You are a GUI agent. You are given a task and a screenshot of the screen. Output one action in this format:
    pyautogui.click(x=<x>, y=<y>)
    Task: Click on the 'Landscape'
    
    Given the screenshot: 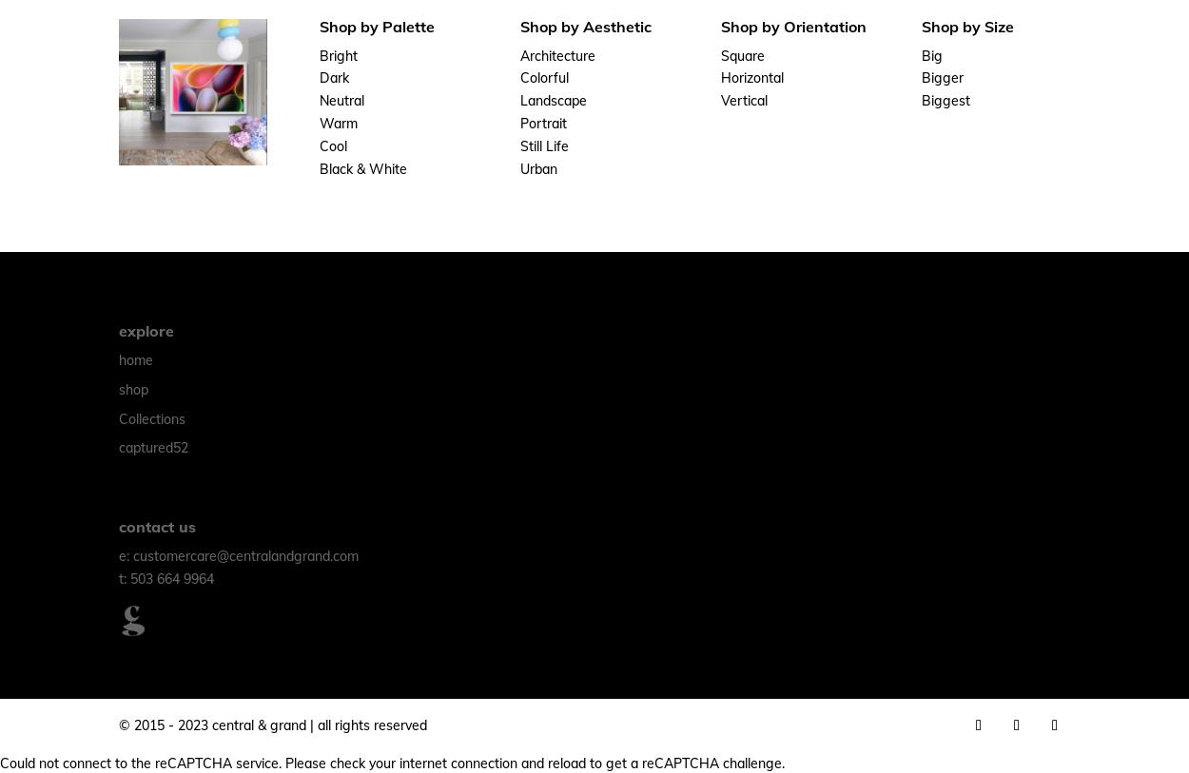 What is the action you would take?
    pyautogui.click(x=553, y=100)
    